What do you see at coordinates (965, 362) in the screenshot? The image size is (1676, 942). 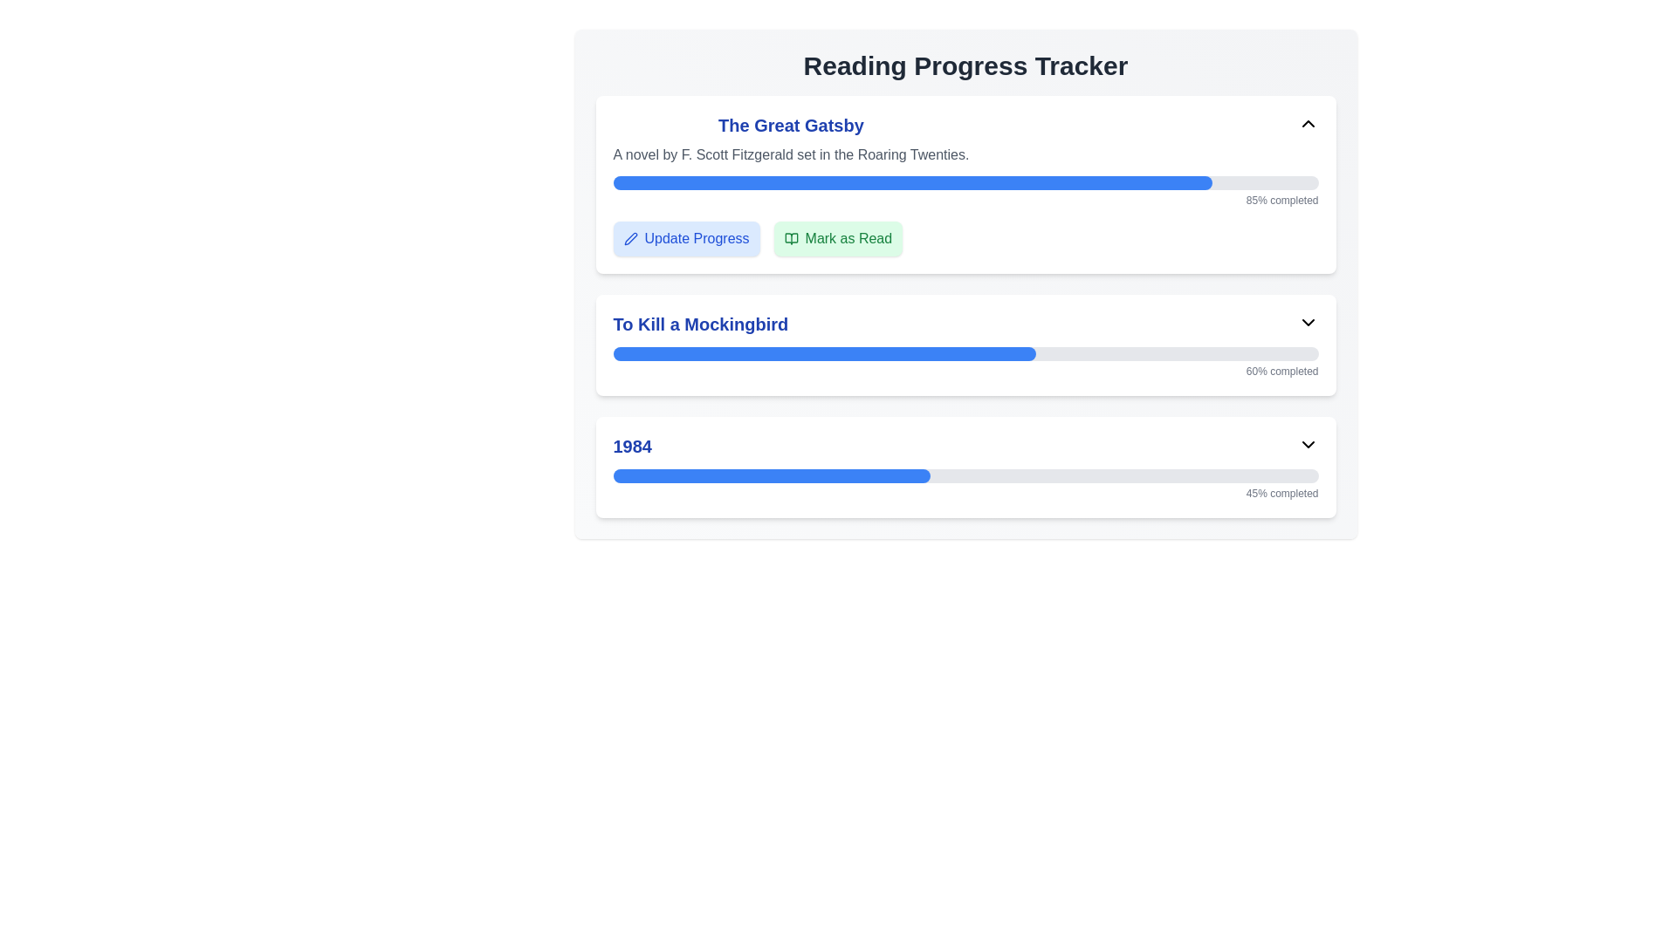 I see `the progress bar indicating '60% completed', which has a gray background and a blue-filled section, located below the title 'To Kill a Mockingbird'` at bounding box center [965, 362].